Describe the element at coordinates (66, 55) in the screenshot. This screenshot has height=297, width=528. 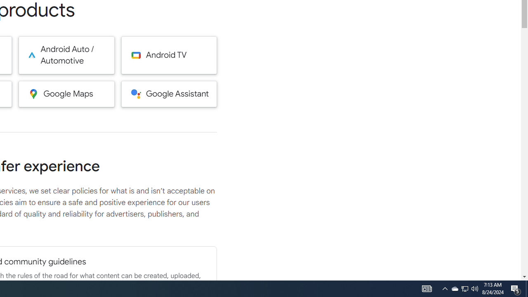
I see `'Android Auto / Automotive'` at that location.